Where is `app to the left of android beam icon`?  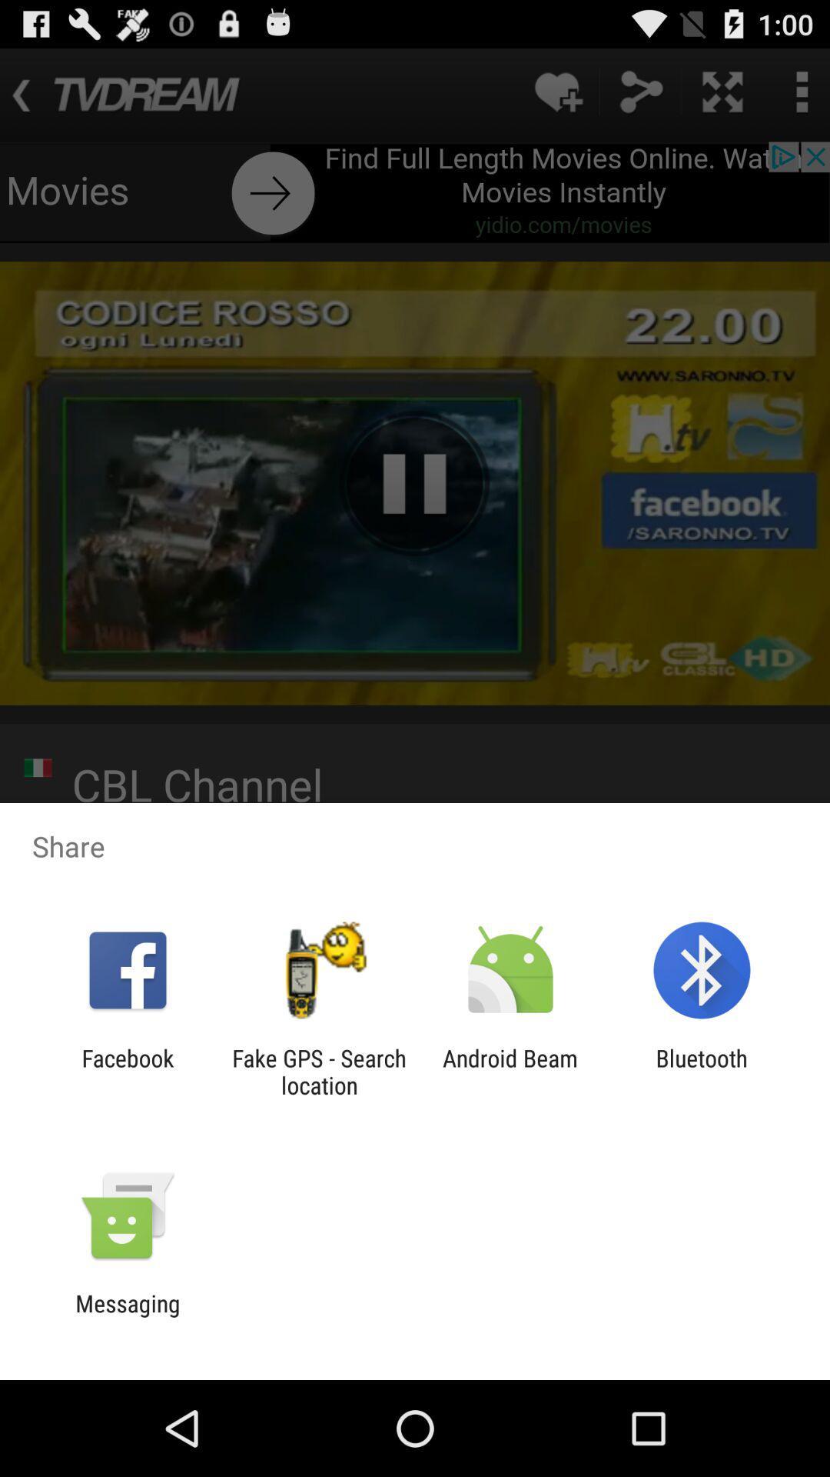 app to the left of android beam icon is located at coordinates (318, 1071).